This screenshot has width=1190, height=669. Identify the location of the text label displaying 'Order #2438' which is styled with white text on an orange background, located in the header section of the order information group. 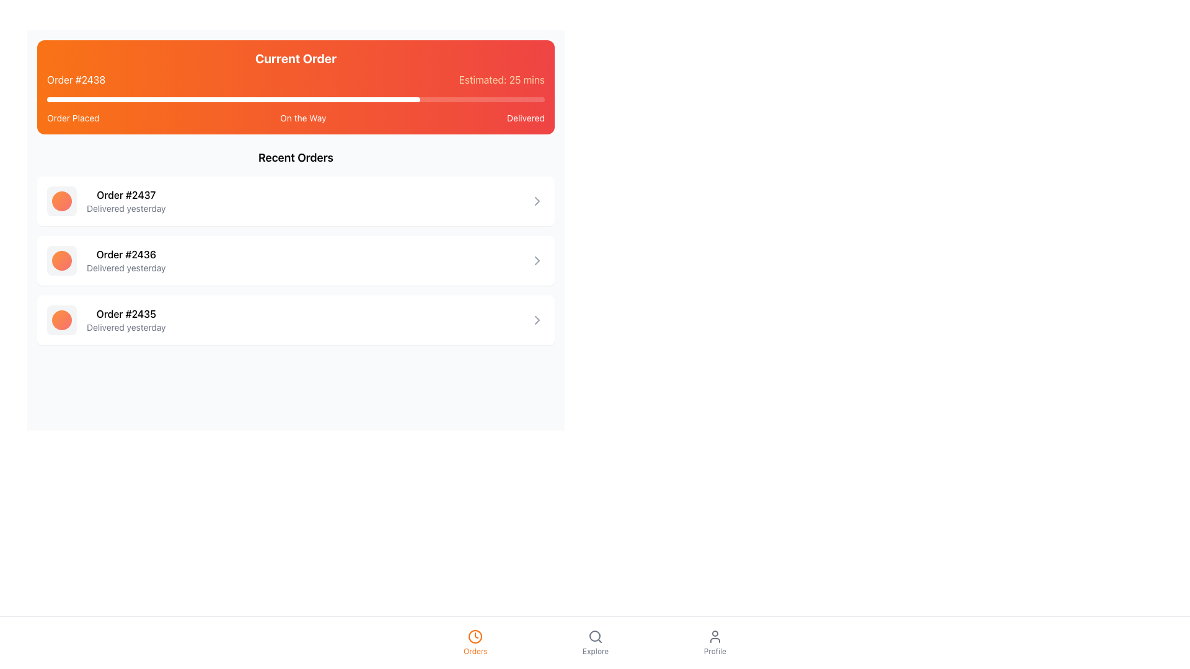
(76, 79).